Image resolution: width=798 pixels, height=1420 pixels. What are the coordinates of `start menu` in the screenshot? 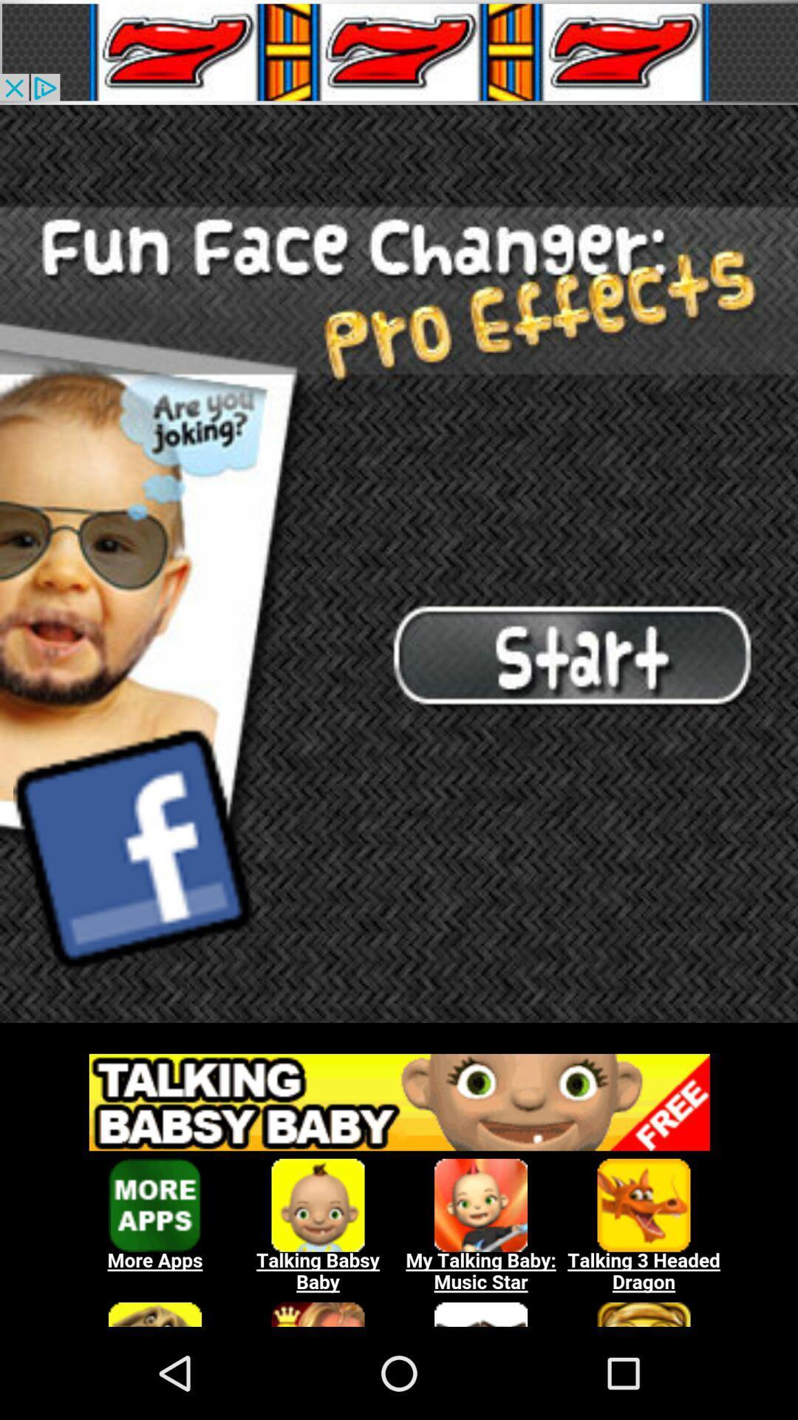 It's located at (399, 563).